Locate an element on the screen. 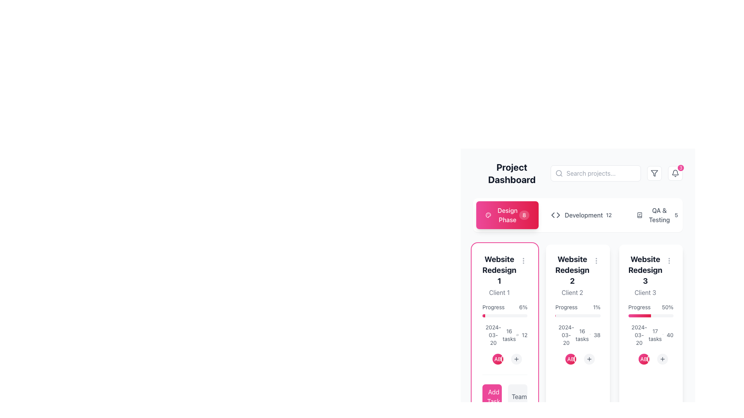  the user avatars in the composite UI component located in the lower section of the 'Website Redesign 2' card is located at coordinates (575, 359).